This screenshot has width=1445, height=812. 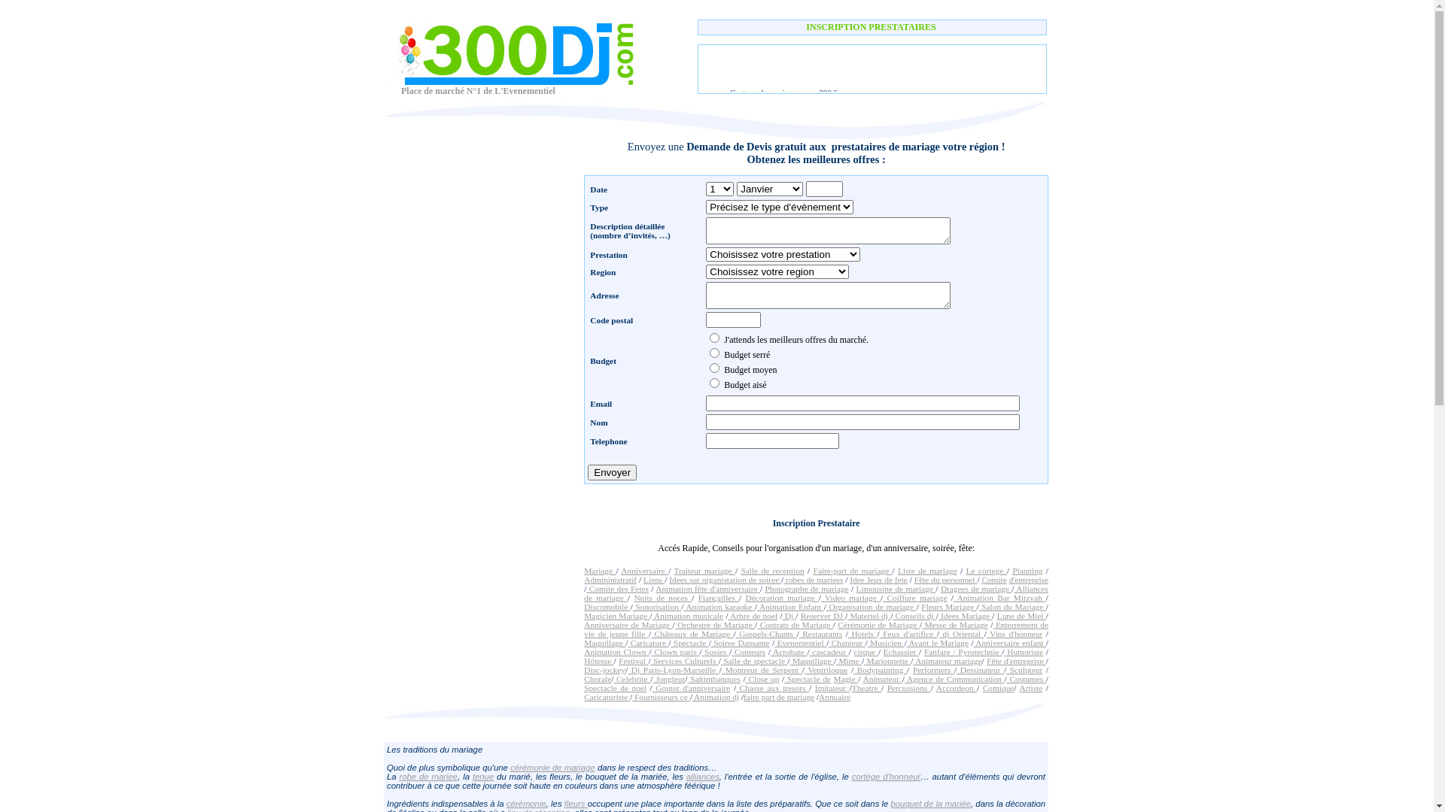 What do you see at coordinates (715, 651) in the screenshot?
I see `'Sosies'` at bounding box center [715, 651].